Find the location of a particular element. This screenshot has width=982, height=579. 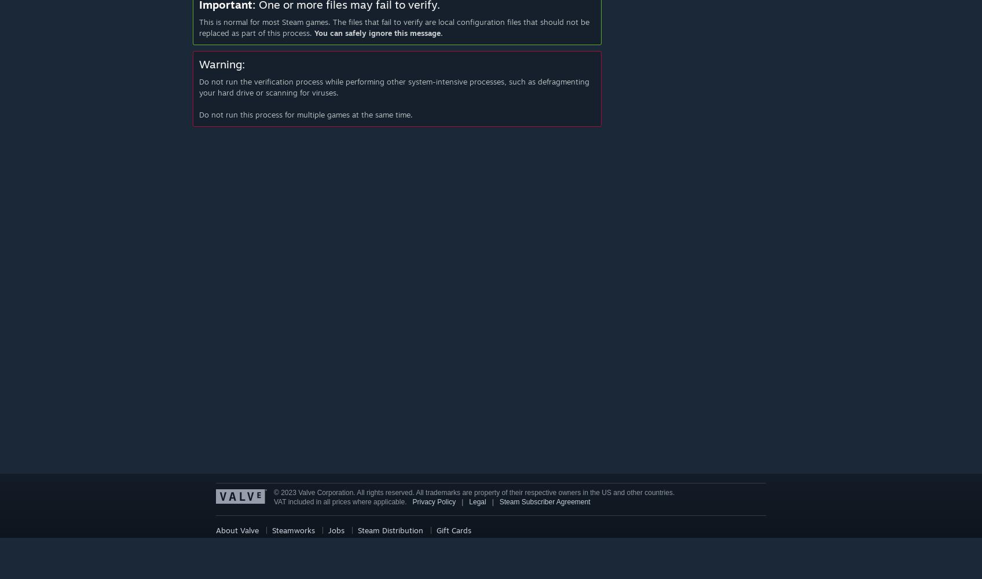

'Steam Subscriber Agreement' is located at coordinates (544, 501).